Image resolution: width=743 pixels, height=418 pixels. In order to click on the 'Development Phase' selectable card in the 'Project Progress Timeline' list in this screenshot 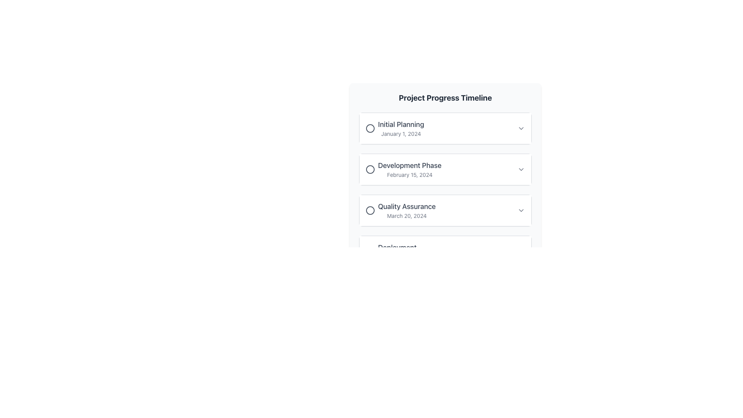, I will do `click(445, 169)`.